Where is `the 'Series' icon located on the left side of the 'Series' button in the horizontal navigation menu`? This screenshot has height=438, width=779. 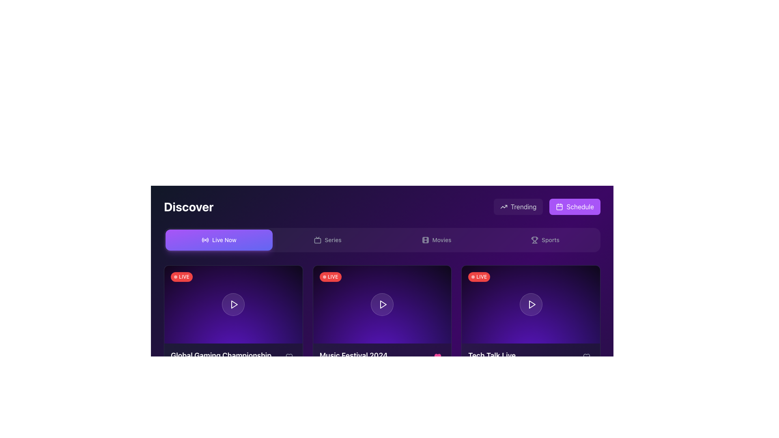 the 'Series' icon located on the left side of the 'Series' button in the horizontal navigation menu is located at coordinates (317, 239).